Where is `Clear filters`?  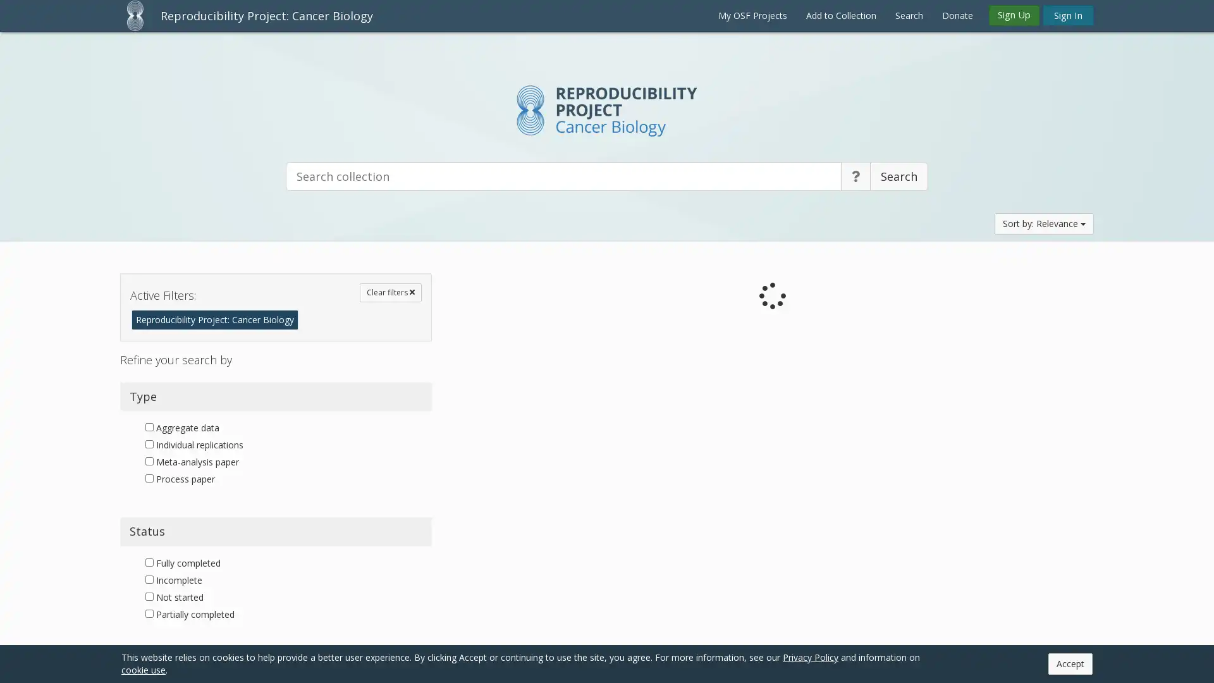 Clear filters is located at coordinates (390, 292).